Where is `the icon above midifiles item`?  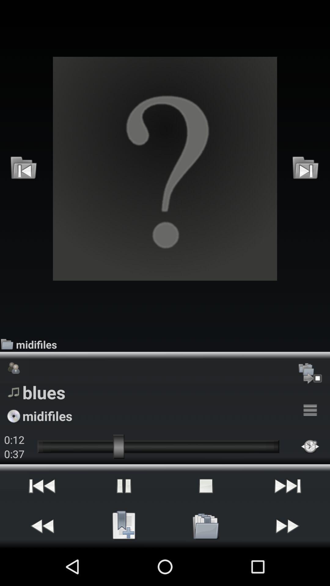
the icon above midifiles item is located at coordinates (165, 168).